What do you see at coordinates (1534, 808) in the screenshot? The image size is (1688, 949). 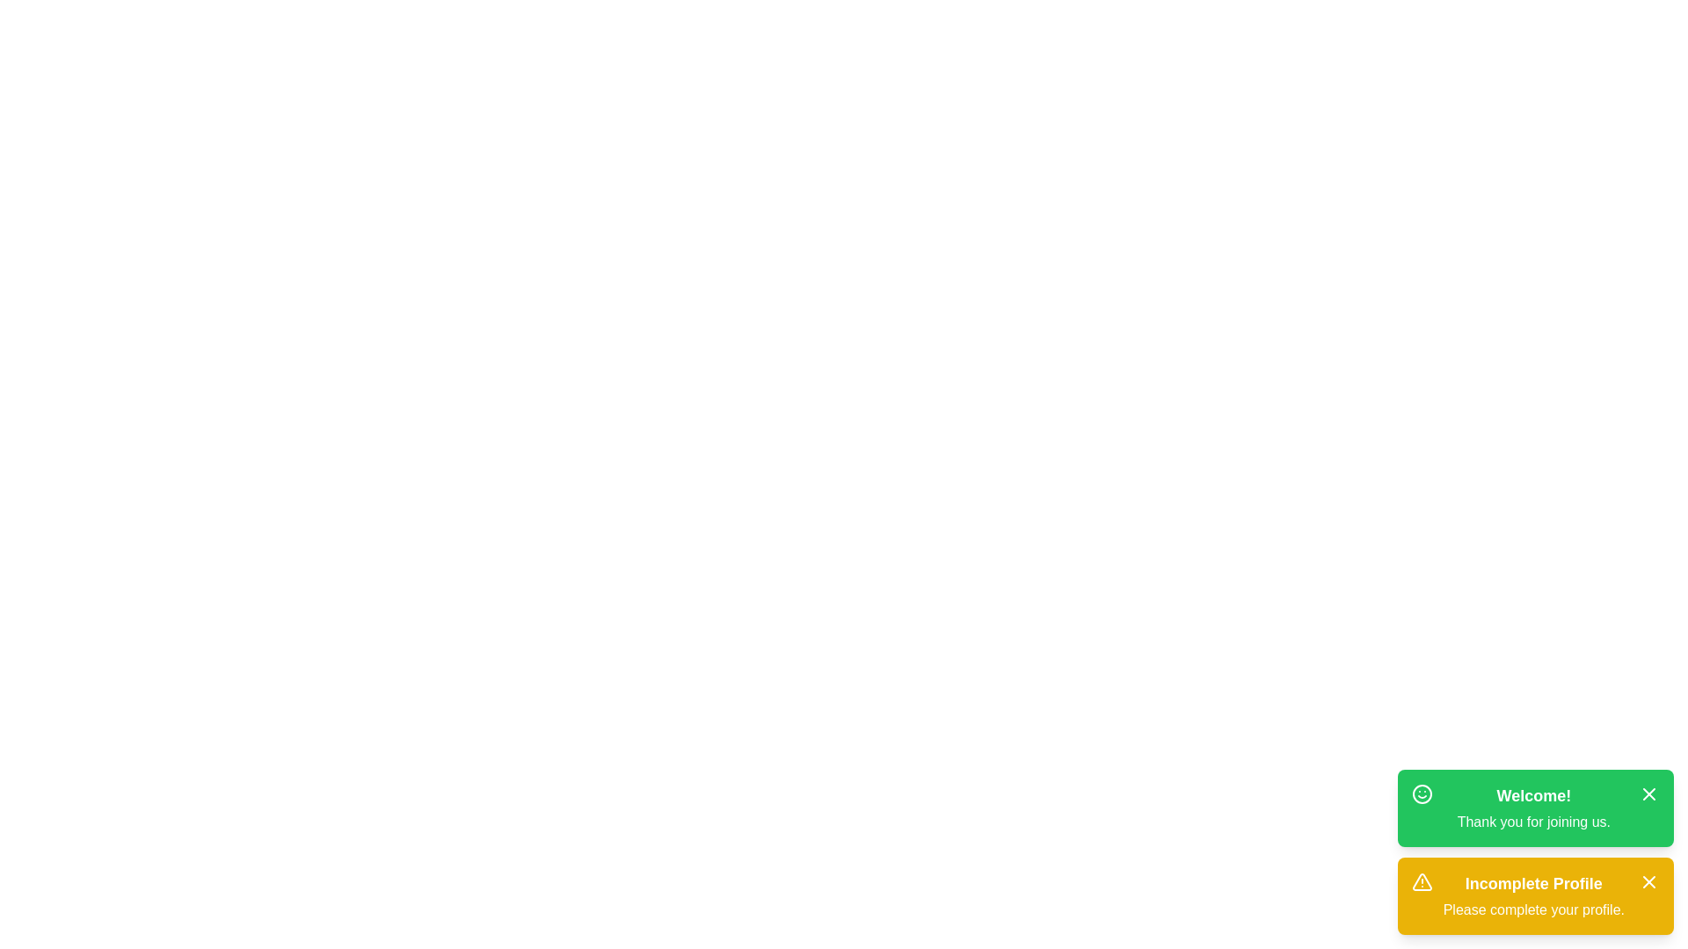 I see `the notification to highlight it for reading` at bounding box center [1534, 808].